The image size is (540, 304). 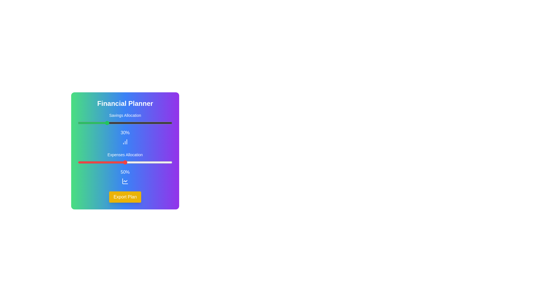 I want to click on the savings allocation slider, so click(x=138, y=122).